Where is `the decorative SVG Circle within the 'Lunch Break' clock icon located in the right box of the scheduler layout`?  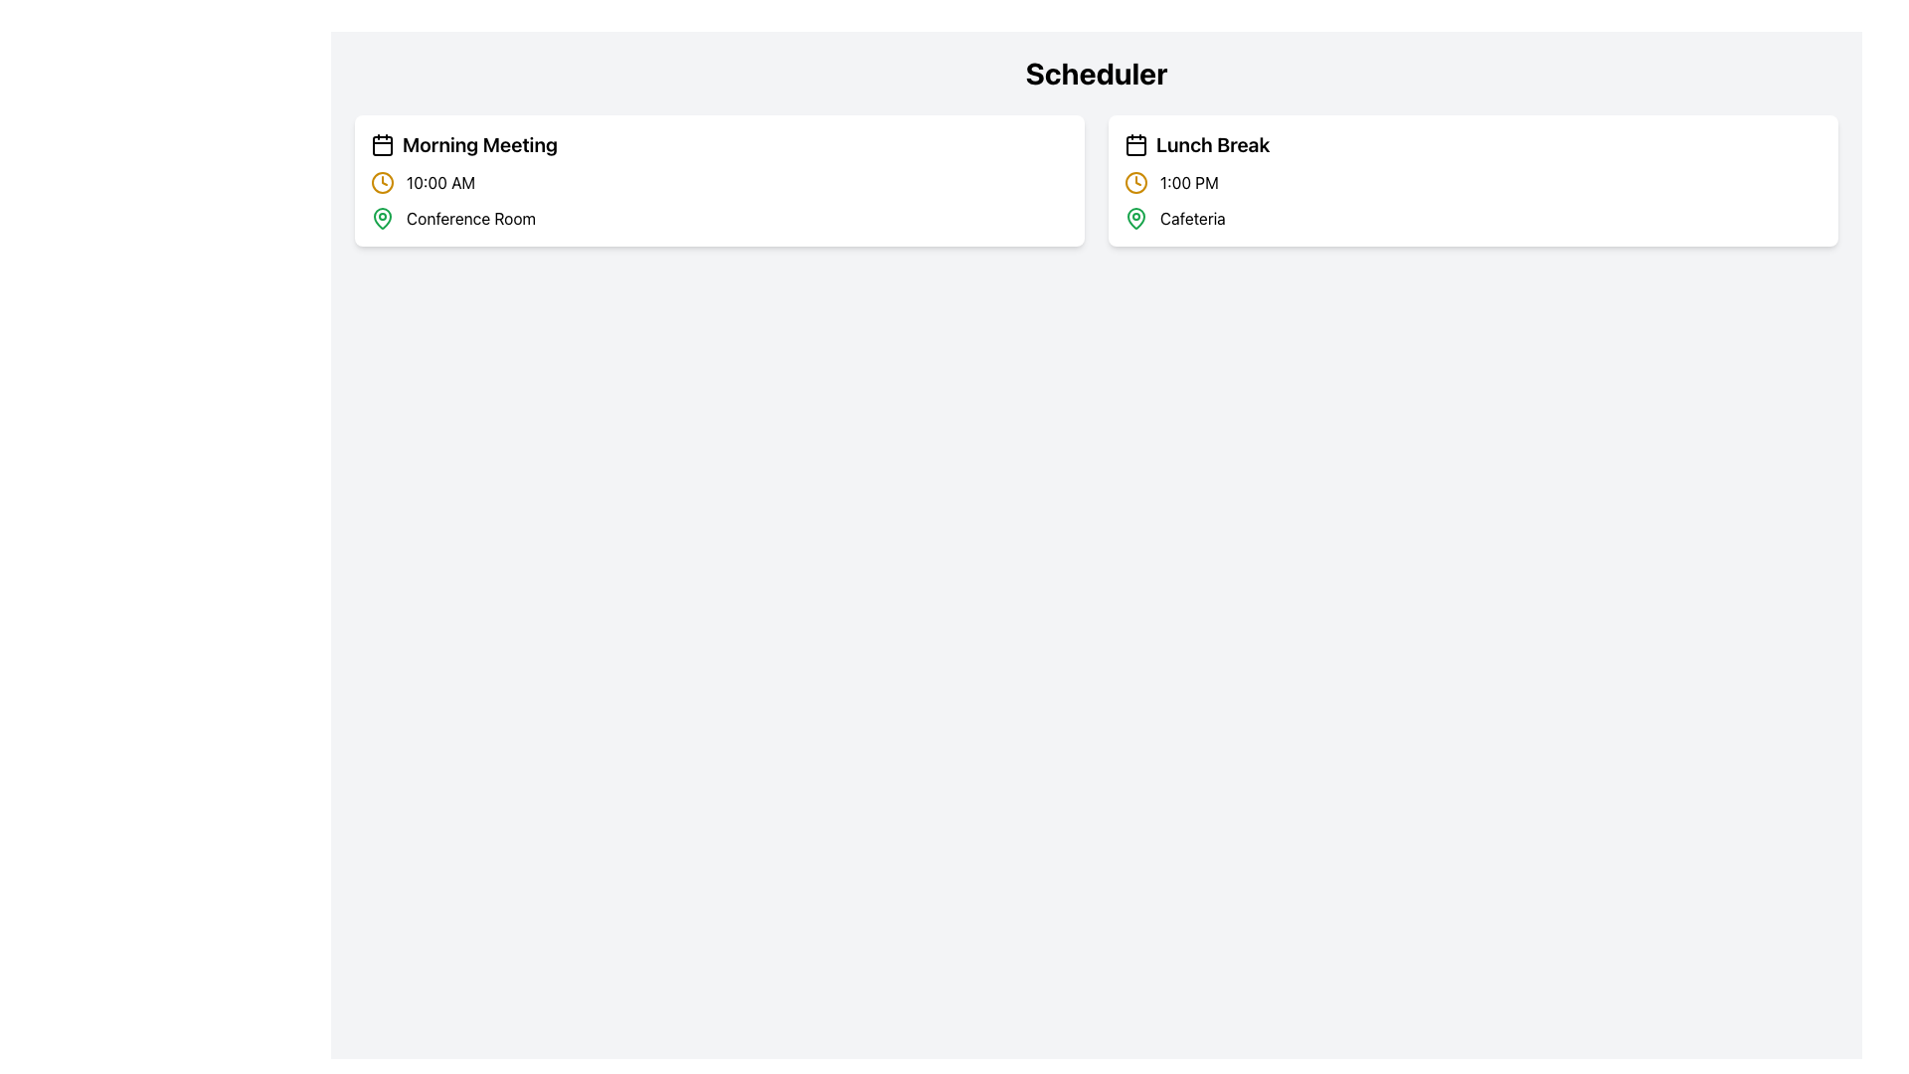 the decorative SVG Circle within the 'Lunch Break' clock icon located in the right box of the scheduler layout is located at coordinates (1135, 183).